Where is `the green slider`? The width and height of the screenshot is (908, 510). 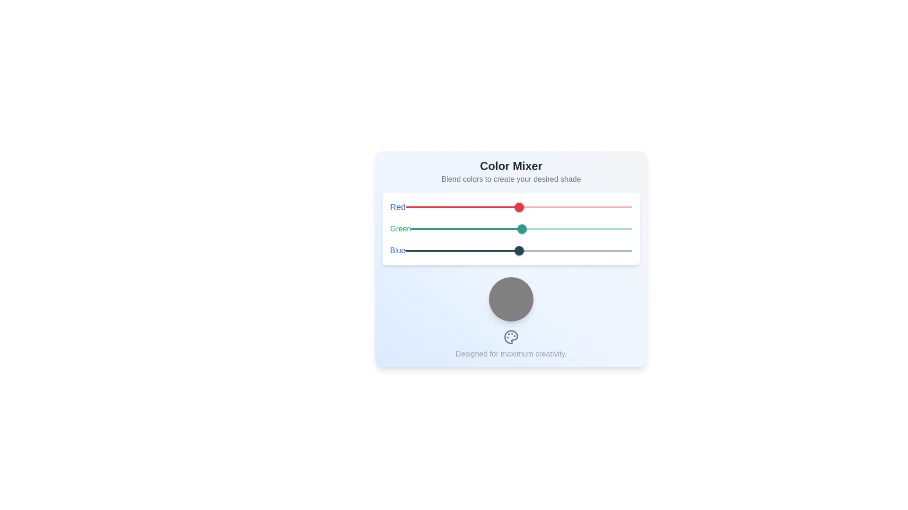 the green slider is located at coordinates (474, 229).